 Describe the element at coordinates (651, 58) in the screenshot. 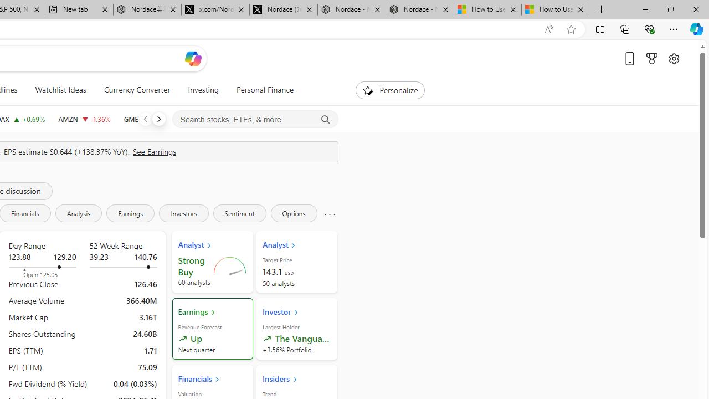

I see `'Microsoft rewards'` at that location.